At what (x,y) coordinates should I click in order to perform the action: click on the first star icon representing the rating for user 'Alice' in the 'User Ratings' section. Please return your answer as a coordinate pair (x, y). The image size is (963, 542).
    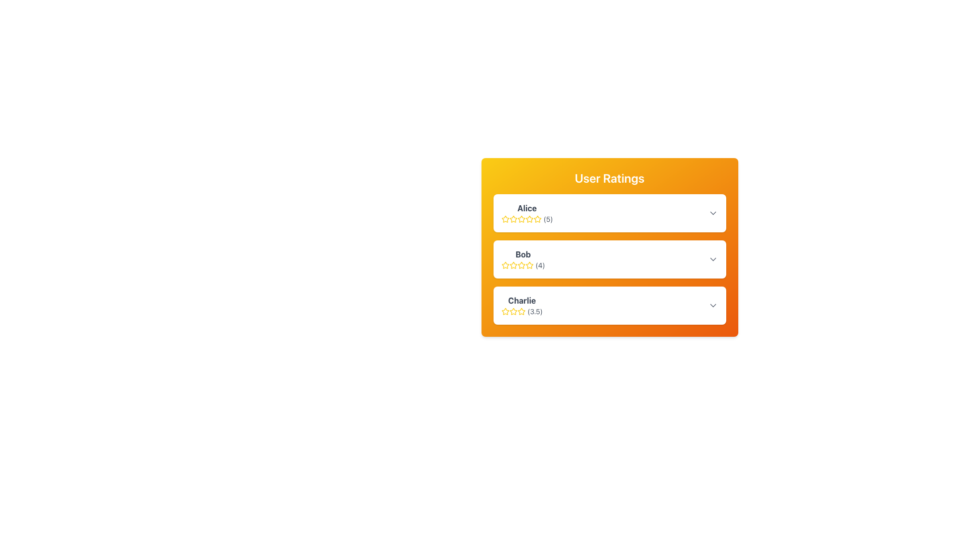
    Looking at the image, I should click on (505, 218).